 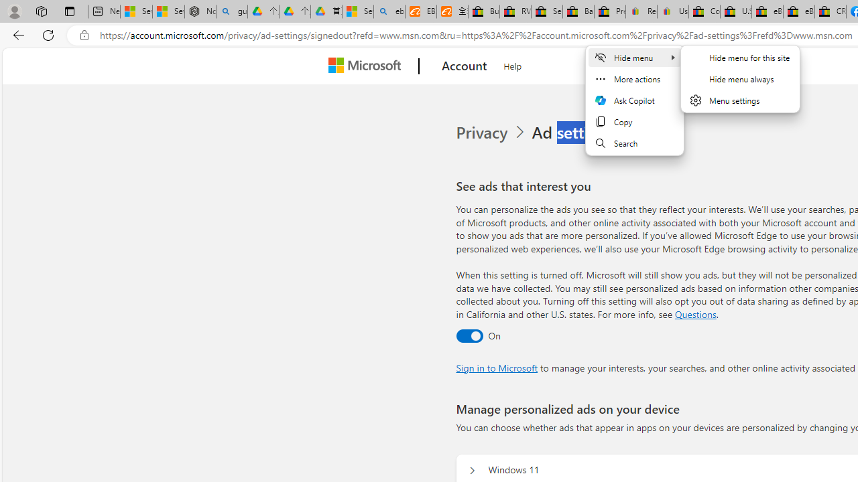 What do you see at coordinates (739, 79) in the screenshot?
I see `'Hide menu always'` at bounding box center [739, 79].